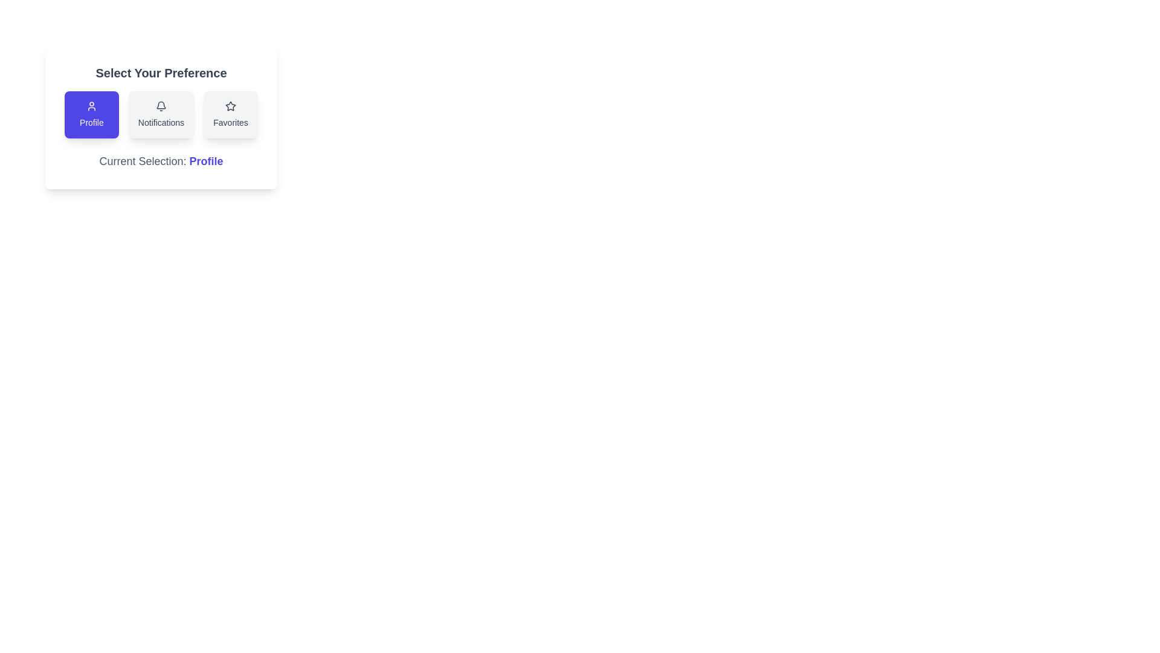 The height and width of the screenshot is (653, 1160). Describe the element at coordinates (161, 106) in the screenshot. I see `the notification card containing the bell icon for selection, which is the second item in the three-part layout under 'Select Your Preference'` at that location.